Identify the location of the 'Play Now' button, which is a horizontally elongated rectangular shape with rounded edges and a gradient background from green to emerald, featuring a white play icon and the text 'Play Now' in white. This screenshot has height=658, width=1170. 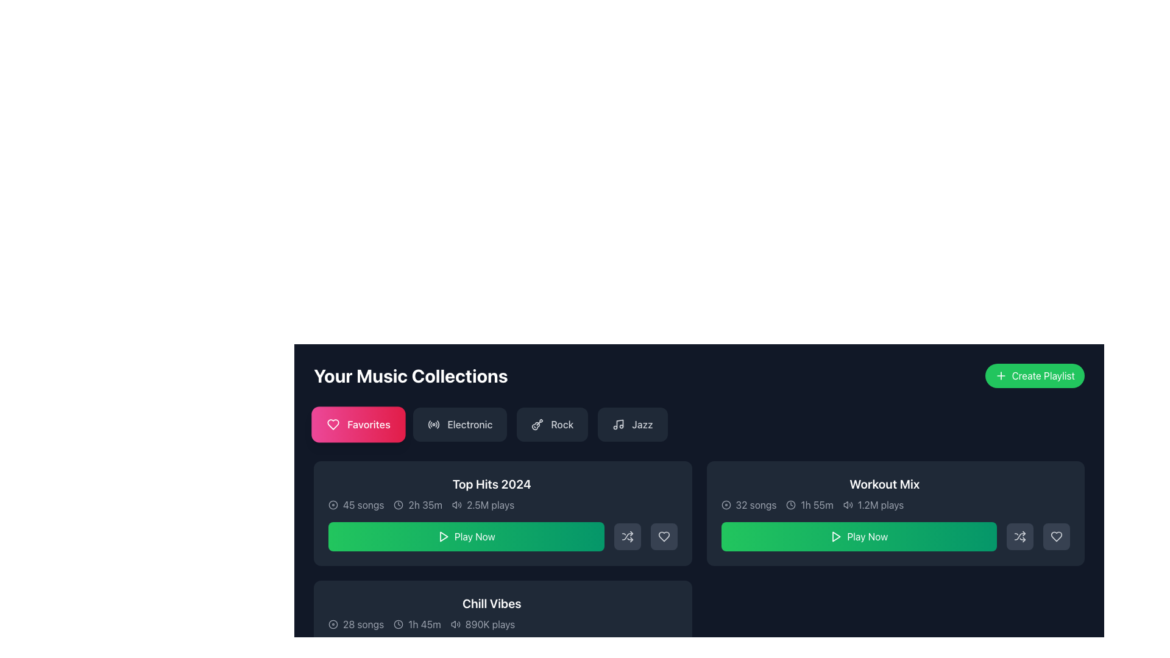
(858, 536).